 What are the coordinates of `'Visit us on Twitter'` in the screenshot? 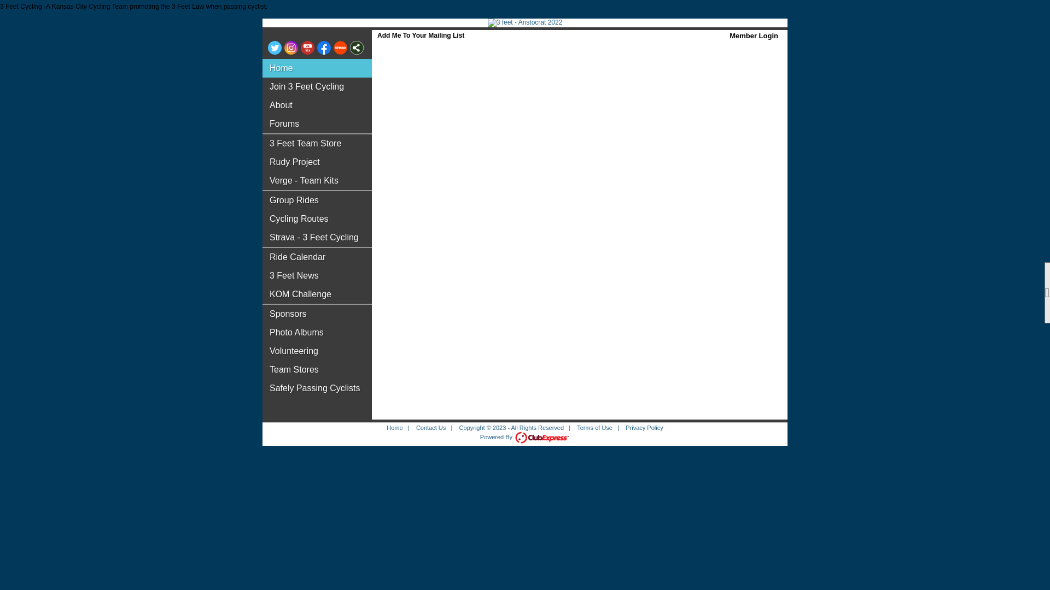 It's located at (275, 48).